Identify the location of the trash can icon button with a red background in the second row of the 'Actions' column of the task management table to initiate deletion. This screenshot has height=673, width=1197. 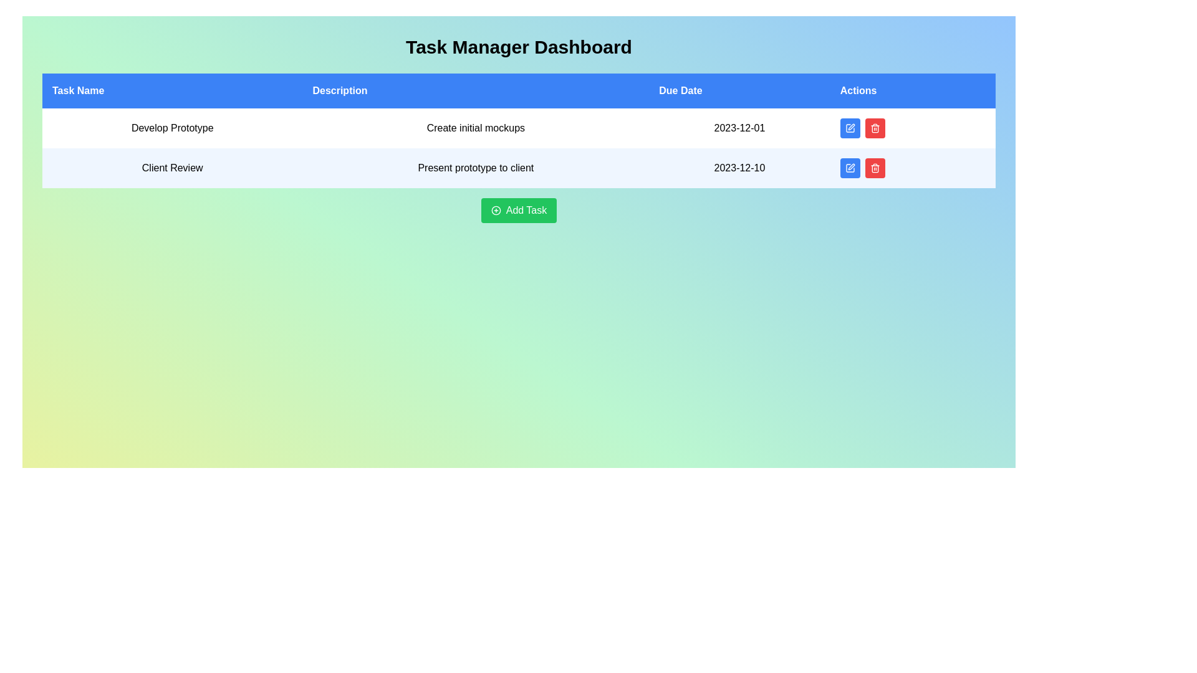
(874, 168).